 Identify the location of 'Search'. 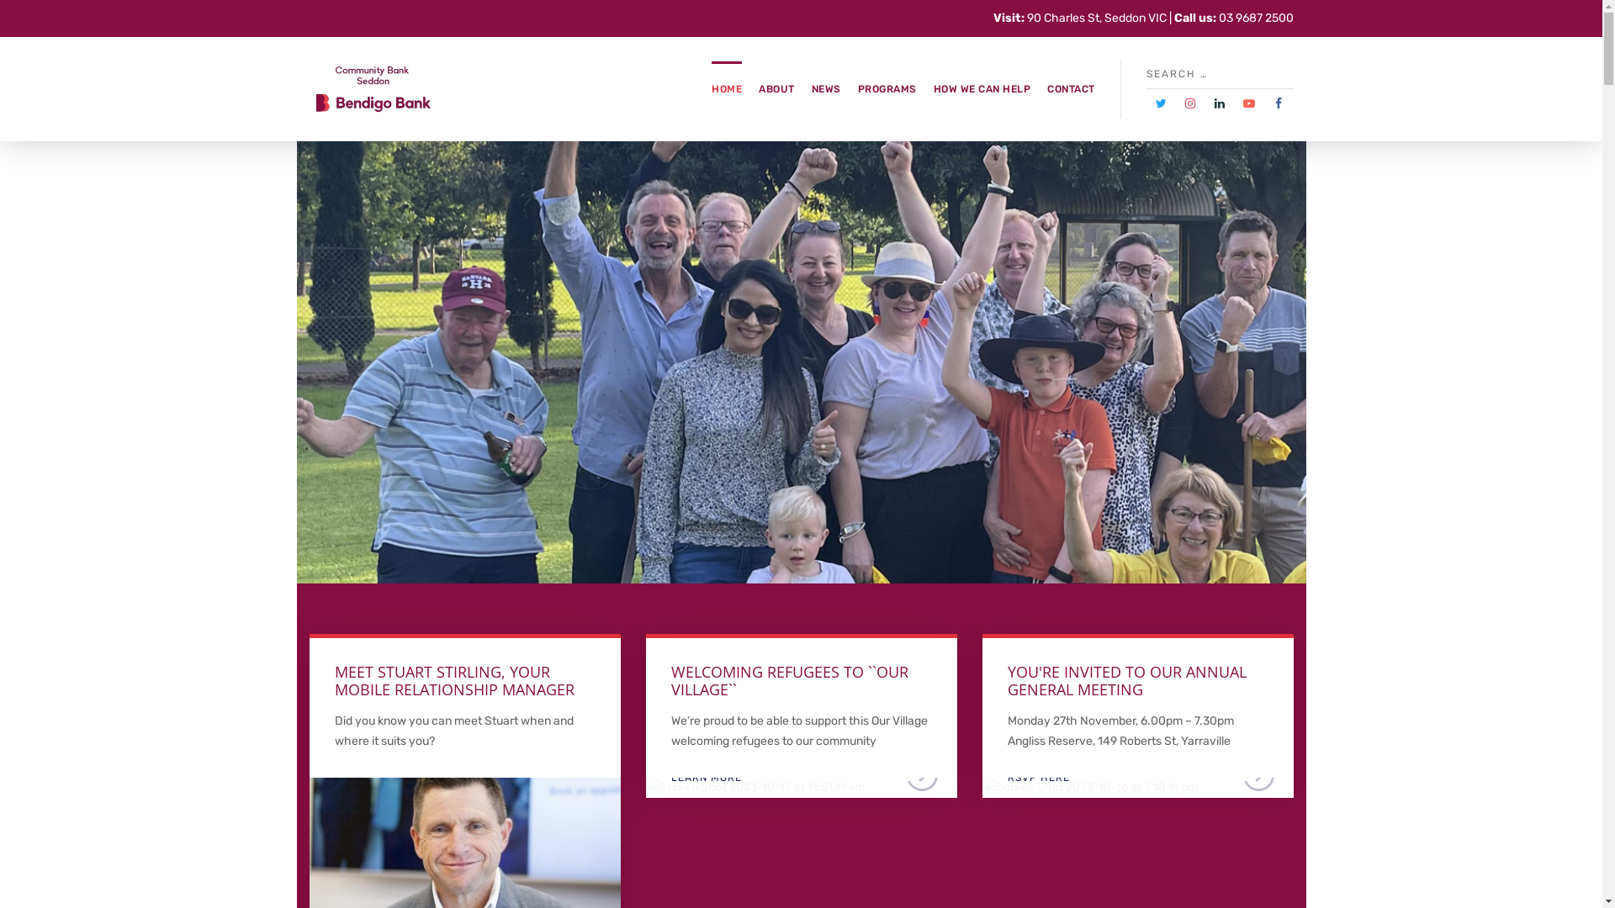
(8, 8).